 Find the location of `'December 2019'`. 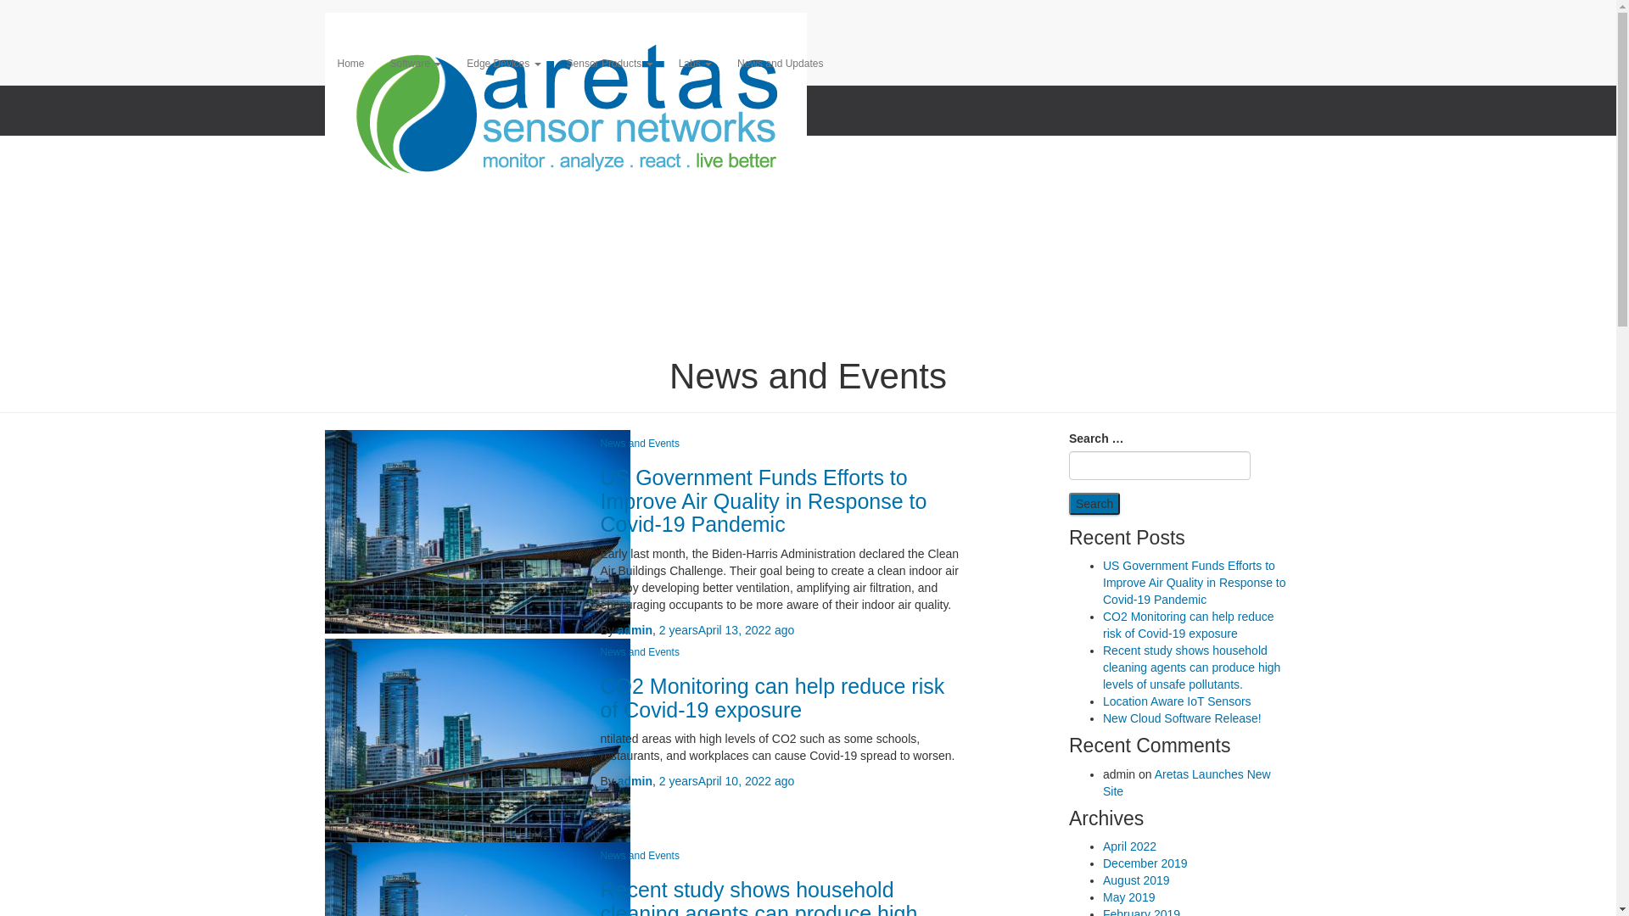

'December 2019' is located at coordinates (1145, 863).